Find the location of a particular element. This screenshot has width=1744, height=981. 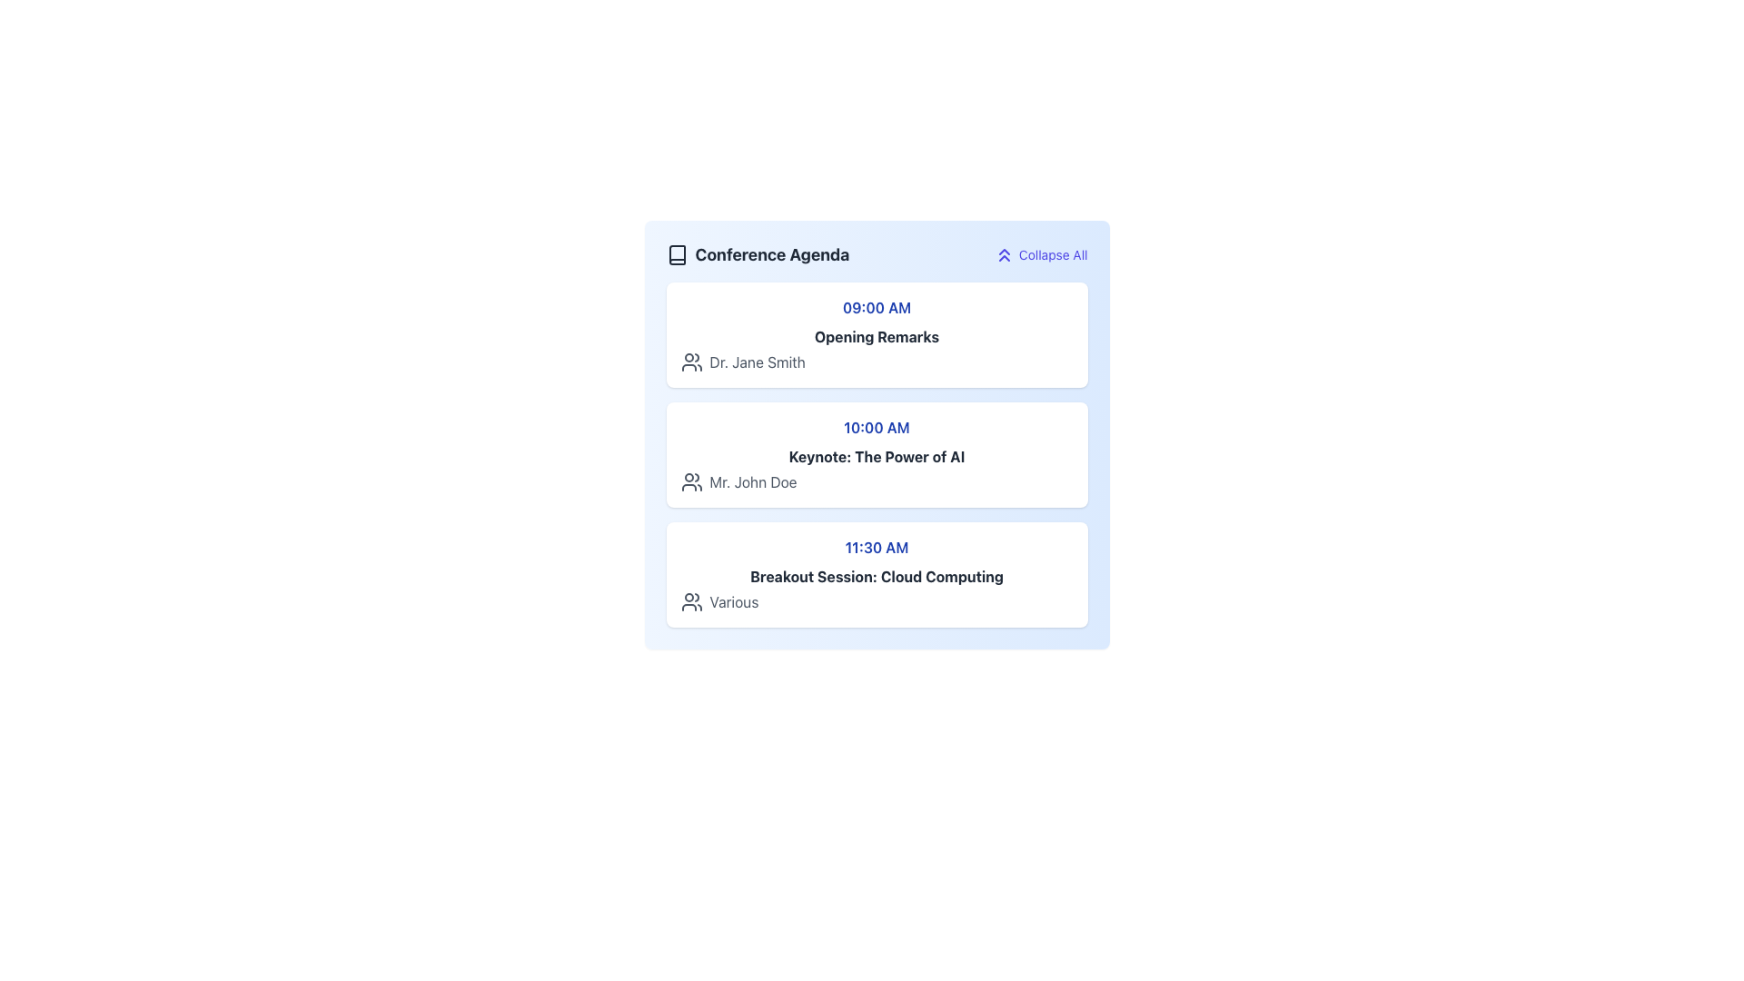

text-based informational display showing the title and speaker of the agenda item located below the '09:00 AM' heading in the conference schedule is located at coordinates (877, 350).